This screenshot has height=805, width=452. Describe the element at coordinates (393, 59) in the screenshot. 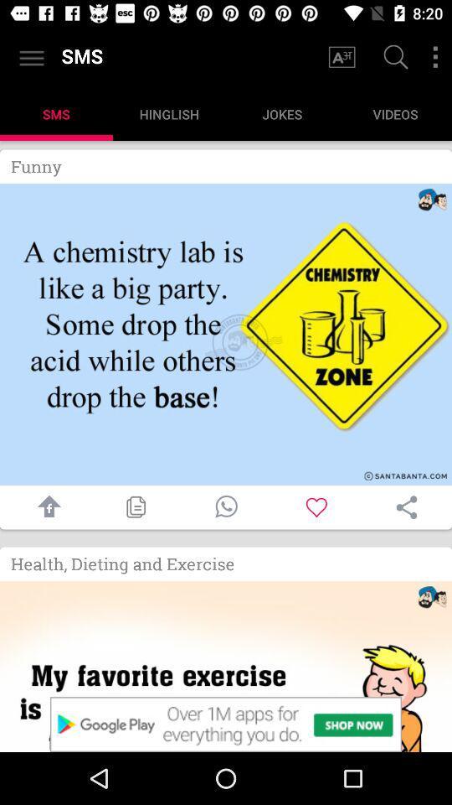

I see `search sms` at that location.